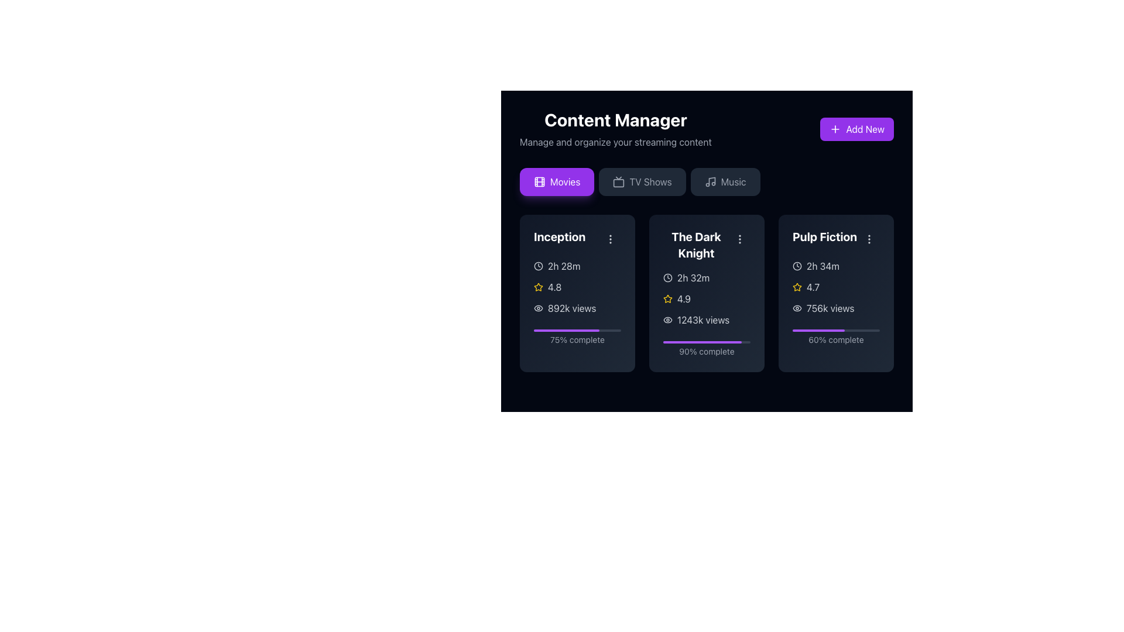 The width and height of the screenshot is (1124, 632). What do you see at coordinates (797, 266) in the screenshot?
I see `the clock icon located in the third card related to the 'Pulp Fiction' movie, which is represented by a circular outline with clock hands, situated before the text '2h 34m'` at bounding box center [797, 266].